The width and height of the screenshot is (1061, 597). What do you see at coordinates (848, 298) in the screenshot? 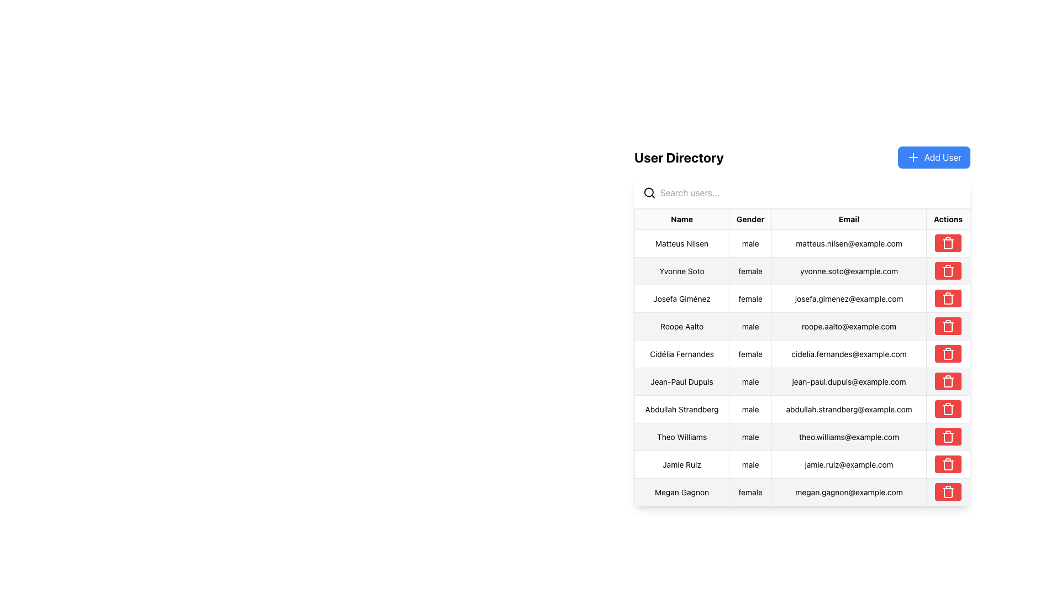
I see `the informational text field displaying the email 'josefa.gimenez@example.com' located in the third row of the user listing table, between the 'Gender' and 'Actions' columns` at bounding box center [848, 298].